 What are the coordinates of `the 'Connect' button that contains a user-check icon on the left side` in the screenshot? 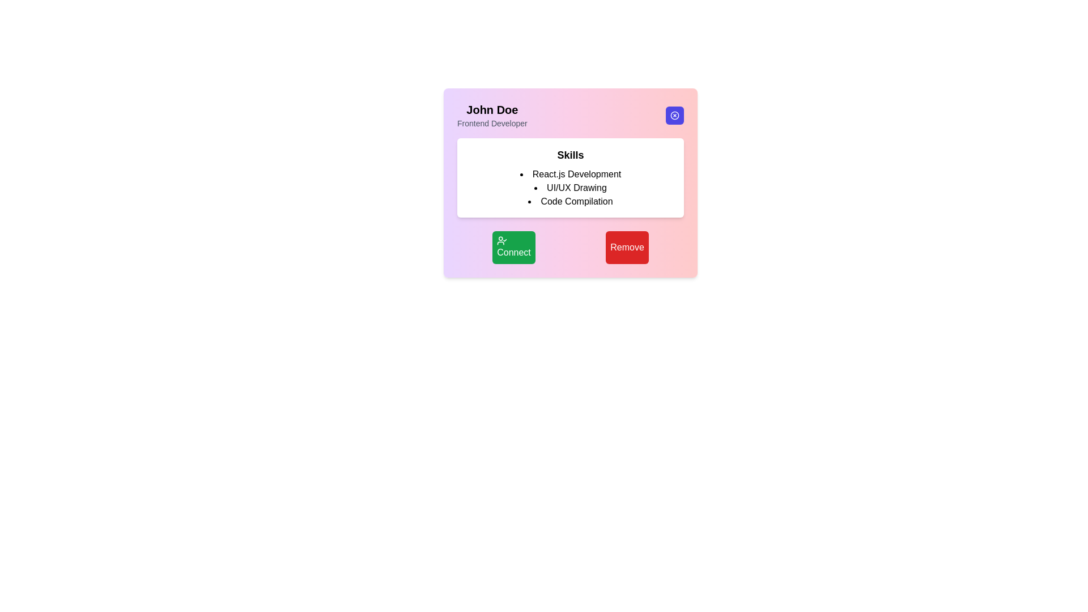 It's located at (501, 240).